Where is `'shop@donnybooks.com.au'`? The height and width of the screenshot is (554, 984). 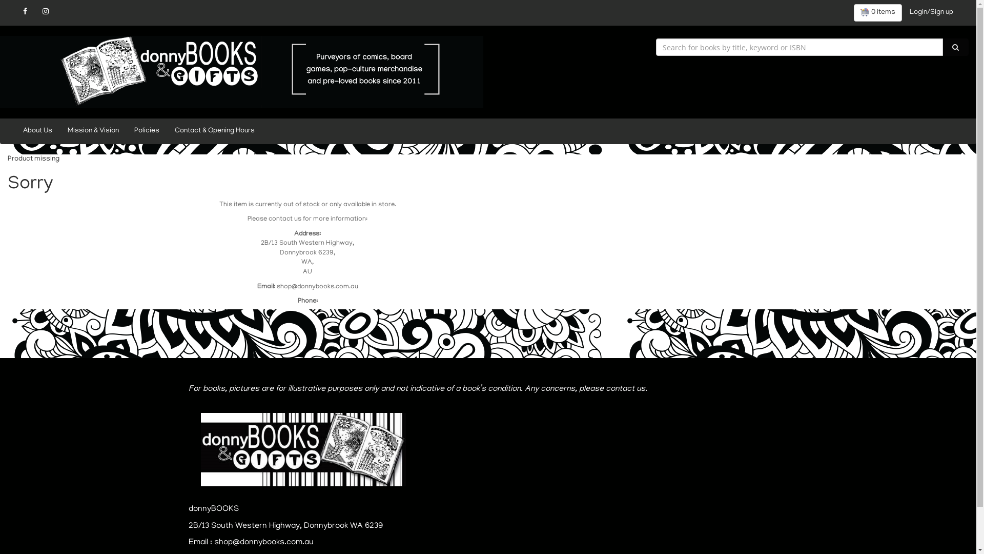
'shop@donnybooks.com.au' is located at coordinates (263, 542).